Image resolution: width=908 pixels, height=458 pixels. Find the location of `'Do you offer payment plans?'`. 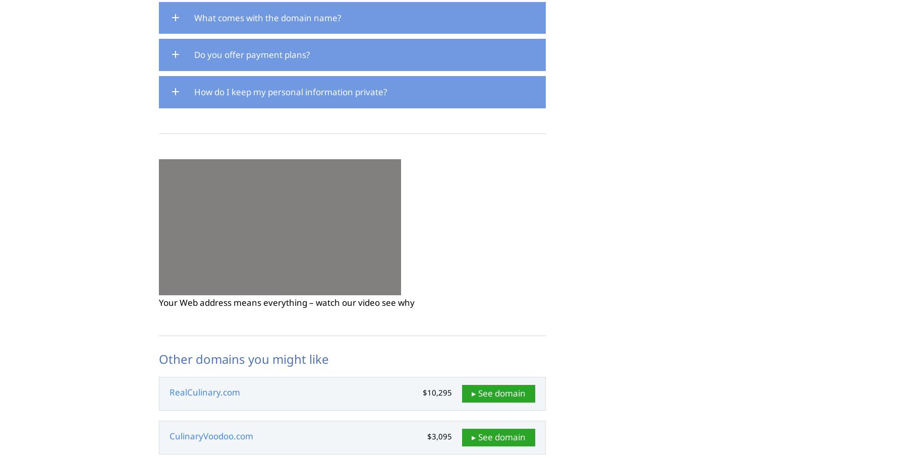

'Do you offer payment plans?' is located at coordinates (251, 54).